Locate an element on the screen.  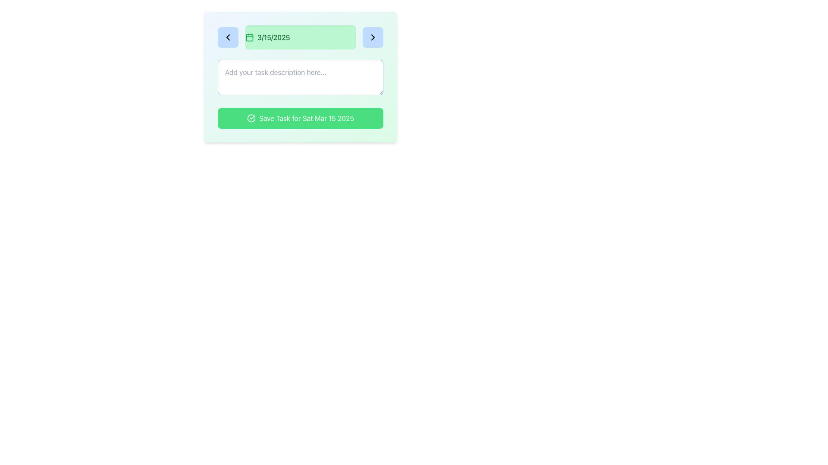
the SVG Rectangle element associated with the calendar icon located to the left of the date '3/15/2025' is located at coordinates (249, 37).